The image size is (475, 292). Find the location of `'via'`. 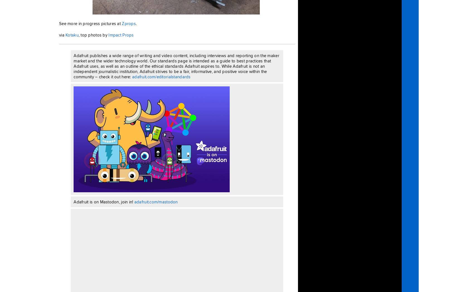

'via' is located at coordinates (62, 35).